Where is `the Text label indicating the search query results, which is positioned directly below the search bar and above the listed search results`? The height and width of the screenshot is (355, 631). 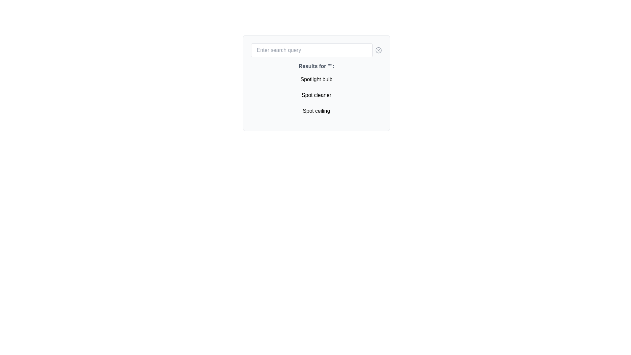 the Text label indicating the search query results, which is positioned directly below the search bar and above the listed search results is located at coordinates (316, 66).